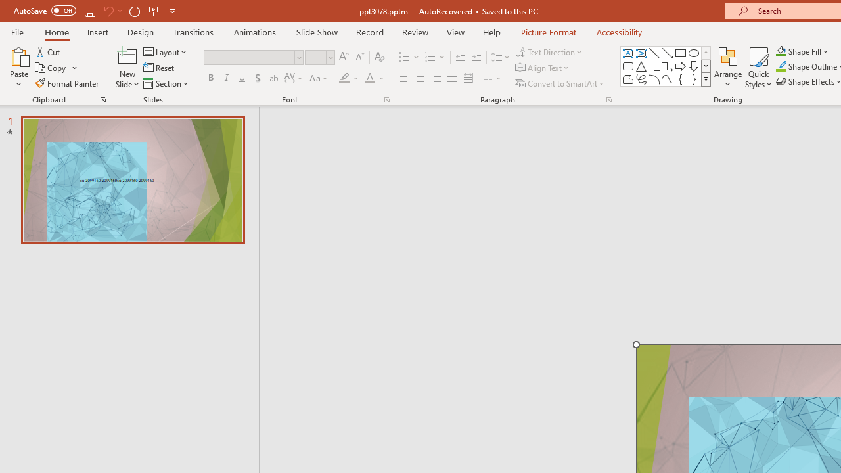 Image resolution: width=841 pixels, height=473 pixels. Describe the element at coordinates (549, 32) in the screenshot. I see `'Picture Format'` at that location.